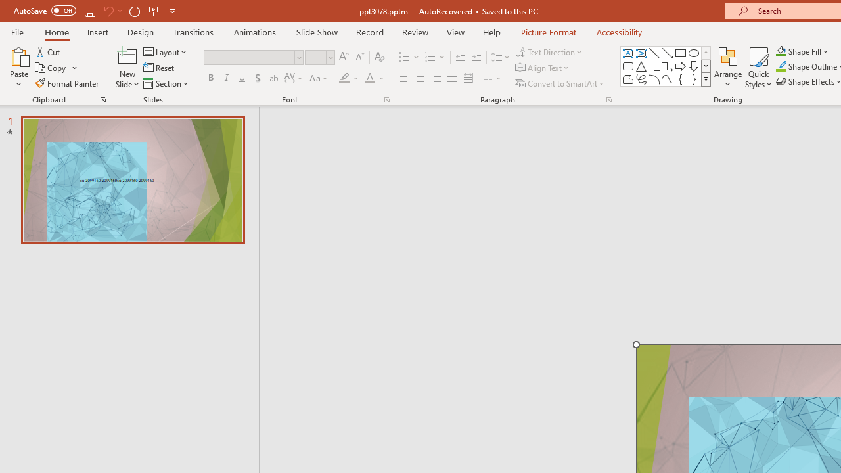 Image resolution: width=841 pixels, height=473 pixels. Describe the element at coordinates (549, 32) in the screenshot. I see `'Picture Format'` at that location.